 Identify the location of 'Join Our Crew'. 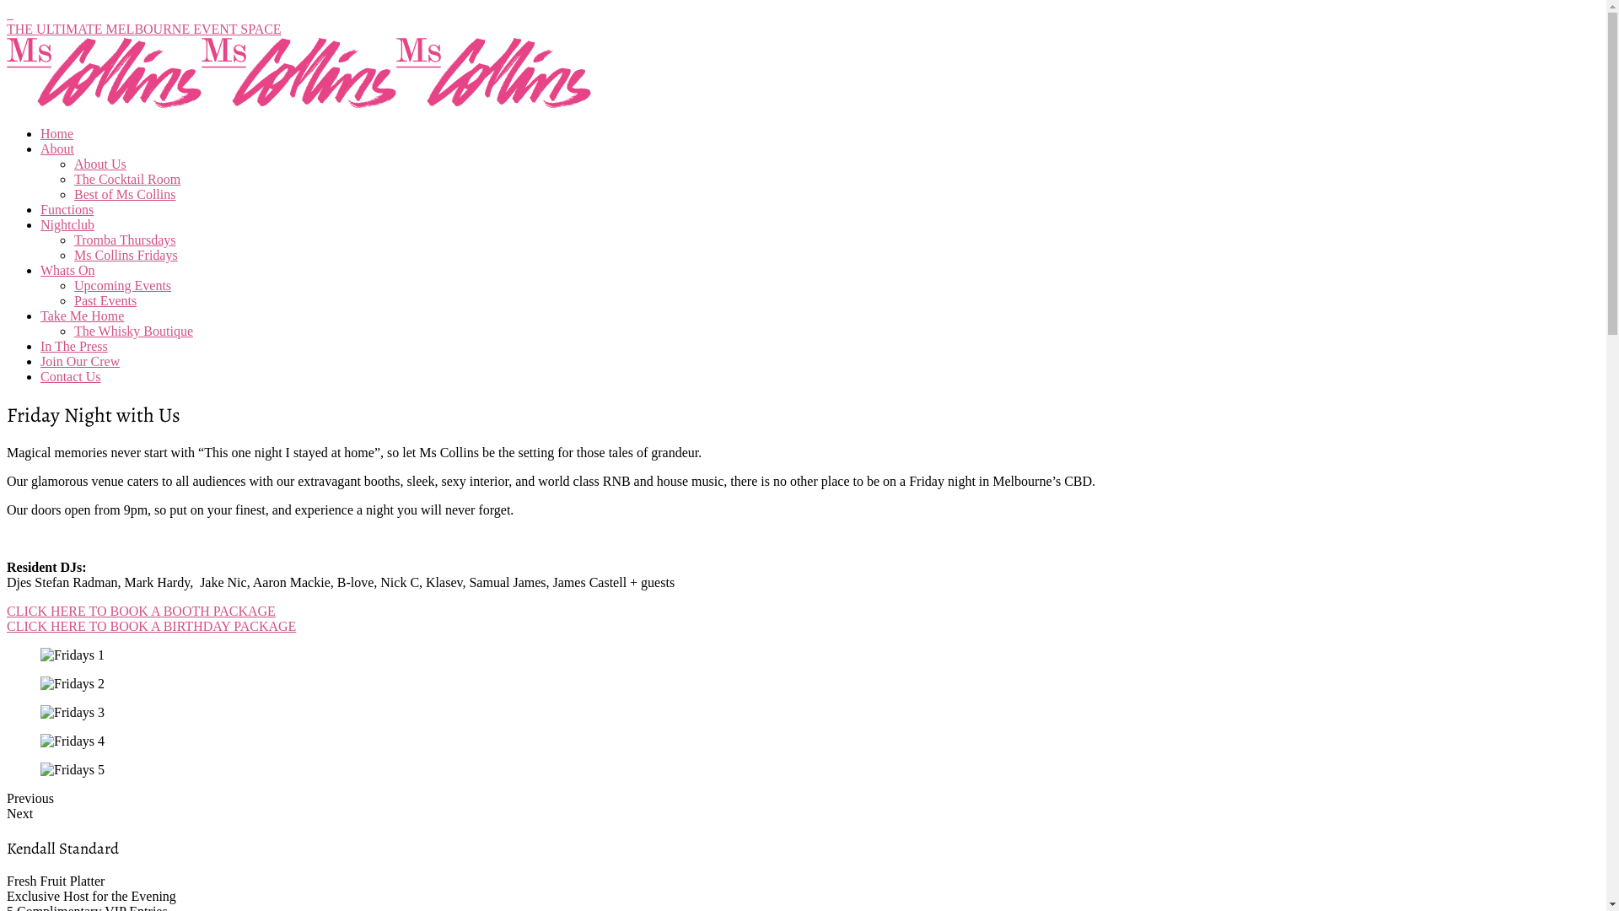
(79, 360).